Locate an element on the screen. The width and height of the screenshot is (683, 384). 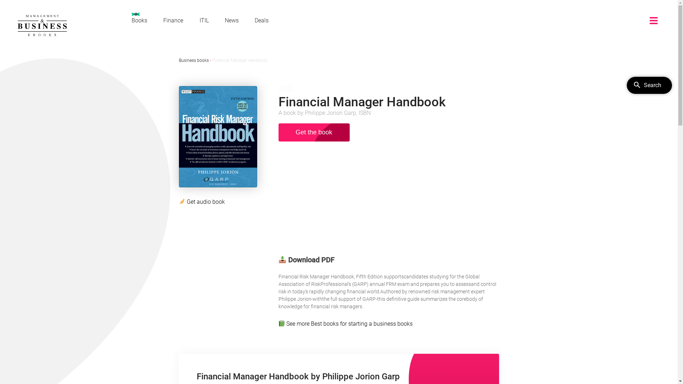
'Get audio book' is located at coordinates (205, 202).